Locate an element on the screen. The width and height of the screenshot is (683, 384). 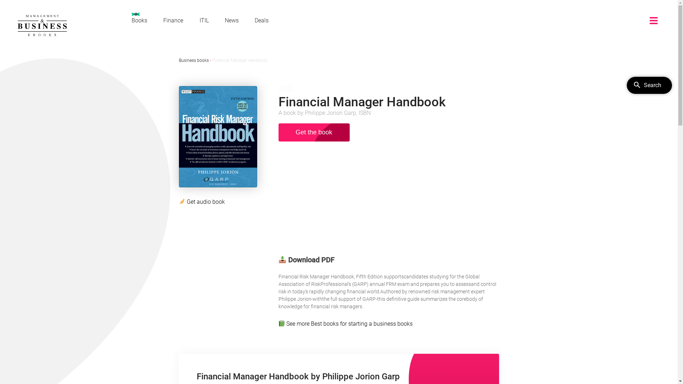
'Get audio book' is located at coordinates (205, 202).